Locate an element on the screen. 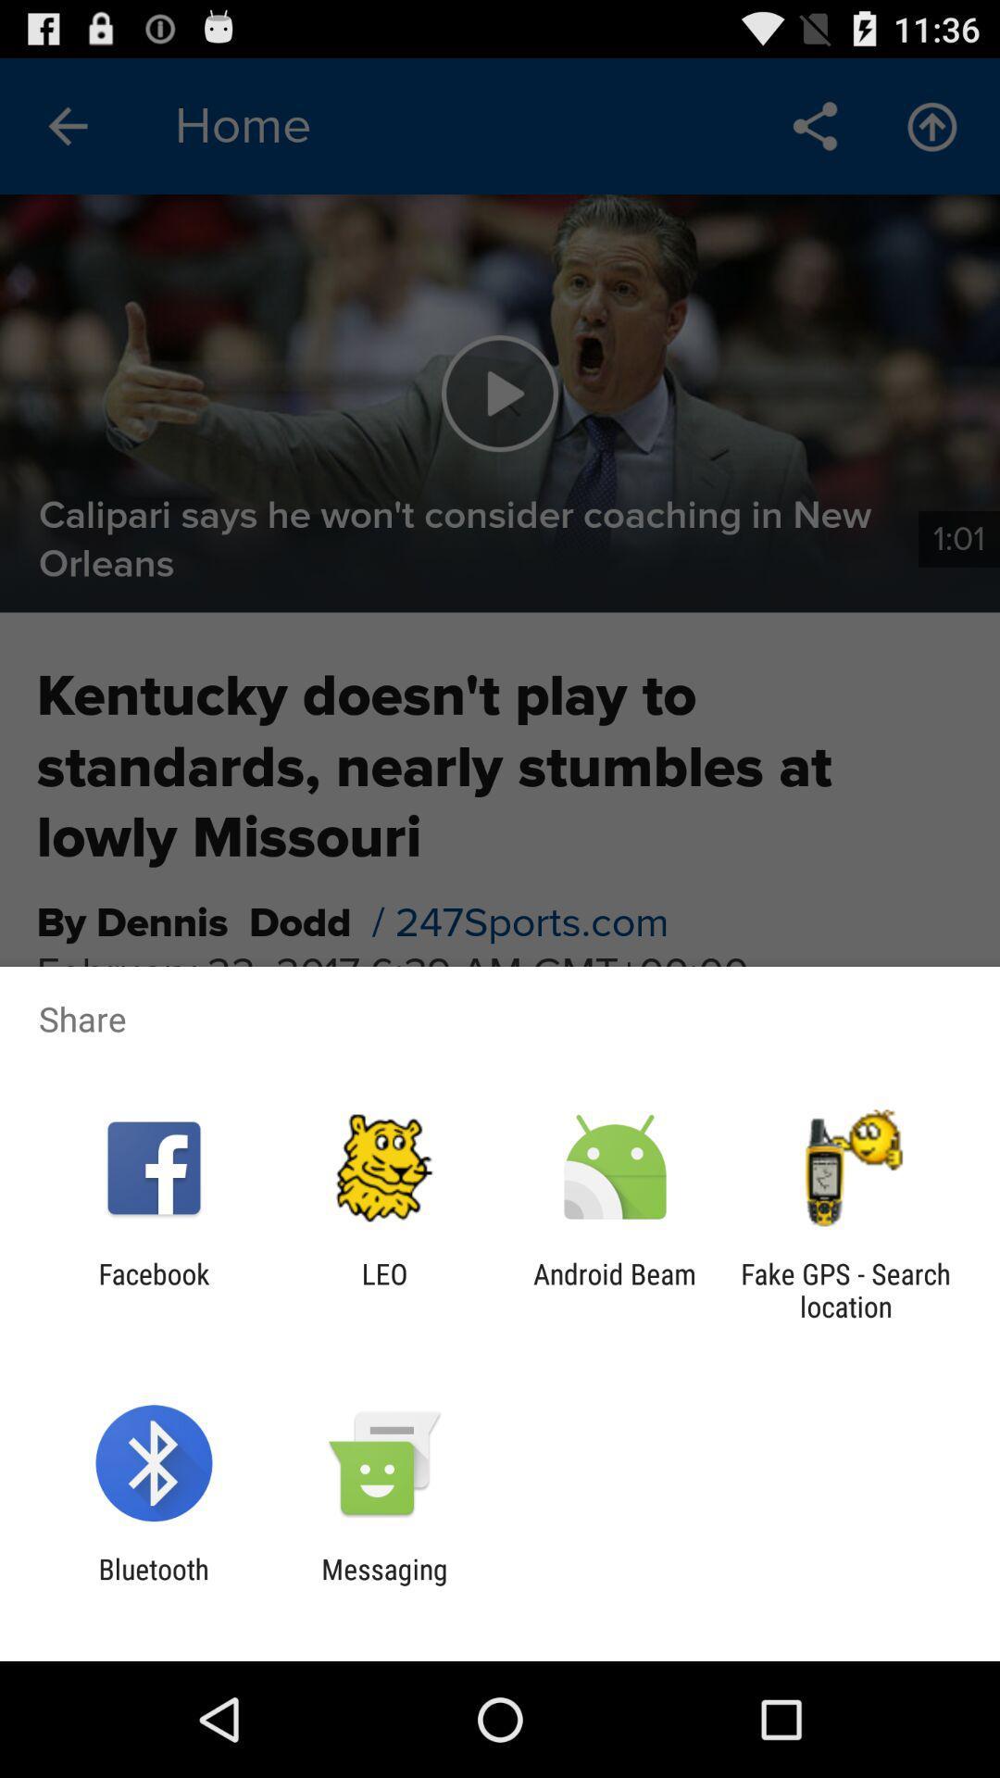 Image resolution: width=1000 pixels, height=1778 pixels. the app to the left of the fake gps search icon is located at coordinates (615, 1289).